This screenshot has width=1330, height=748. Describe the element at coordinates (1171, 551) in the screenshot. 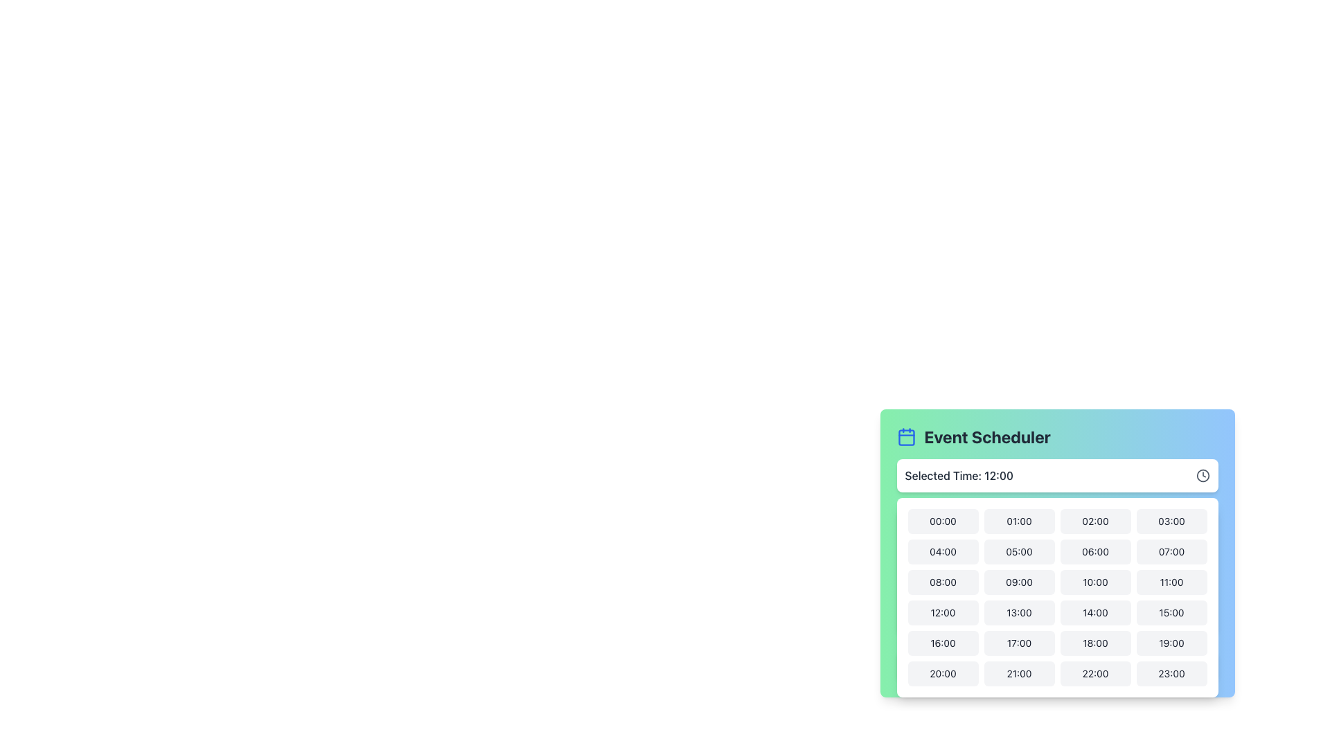

I see `the time selection button for '07:00' located in the second row, fourth column of the time slots grid in the 'Event Scheduler' interface` at that location.